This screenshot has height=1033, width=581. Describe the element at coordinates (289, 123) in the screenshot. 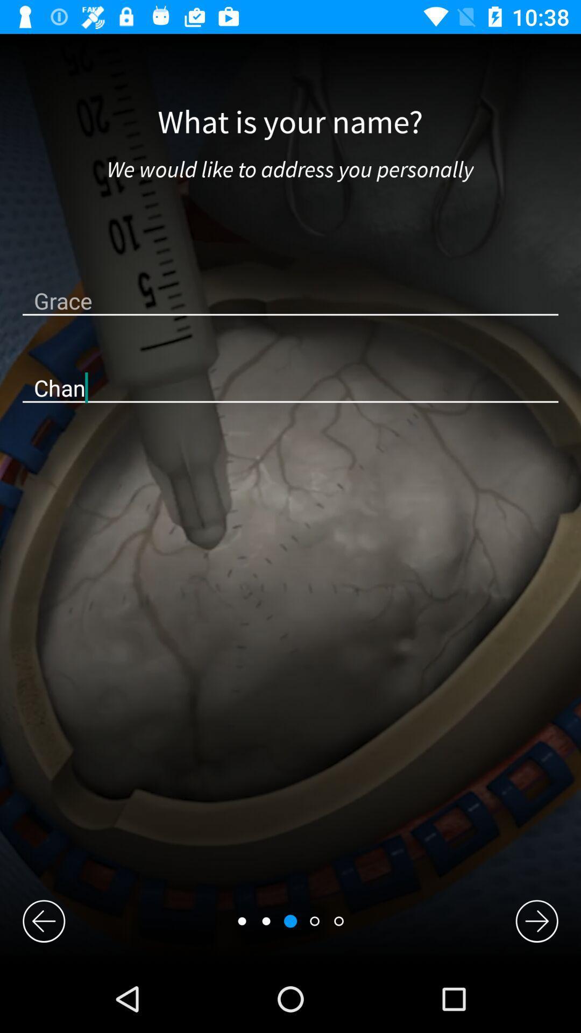

I see `icon above we would like item` at that location.